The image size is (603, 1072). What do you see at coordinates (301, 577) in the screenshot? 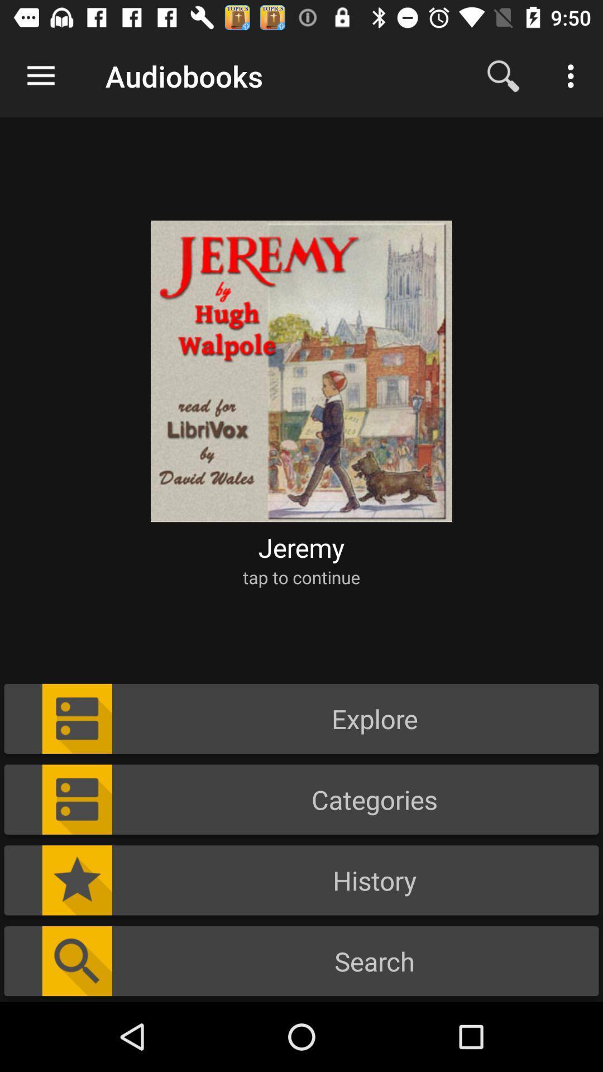
I see `the tap to continue icon` at bounding box center [301, 577].